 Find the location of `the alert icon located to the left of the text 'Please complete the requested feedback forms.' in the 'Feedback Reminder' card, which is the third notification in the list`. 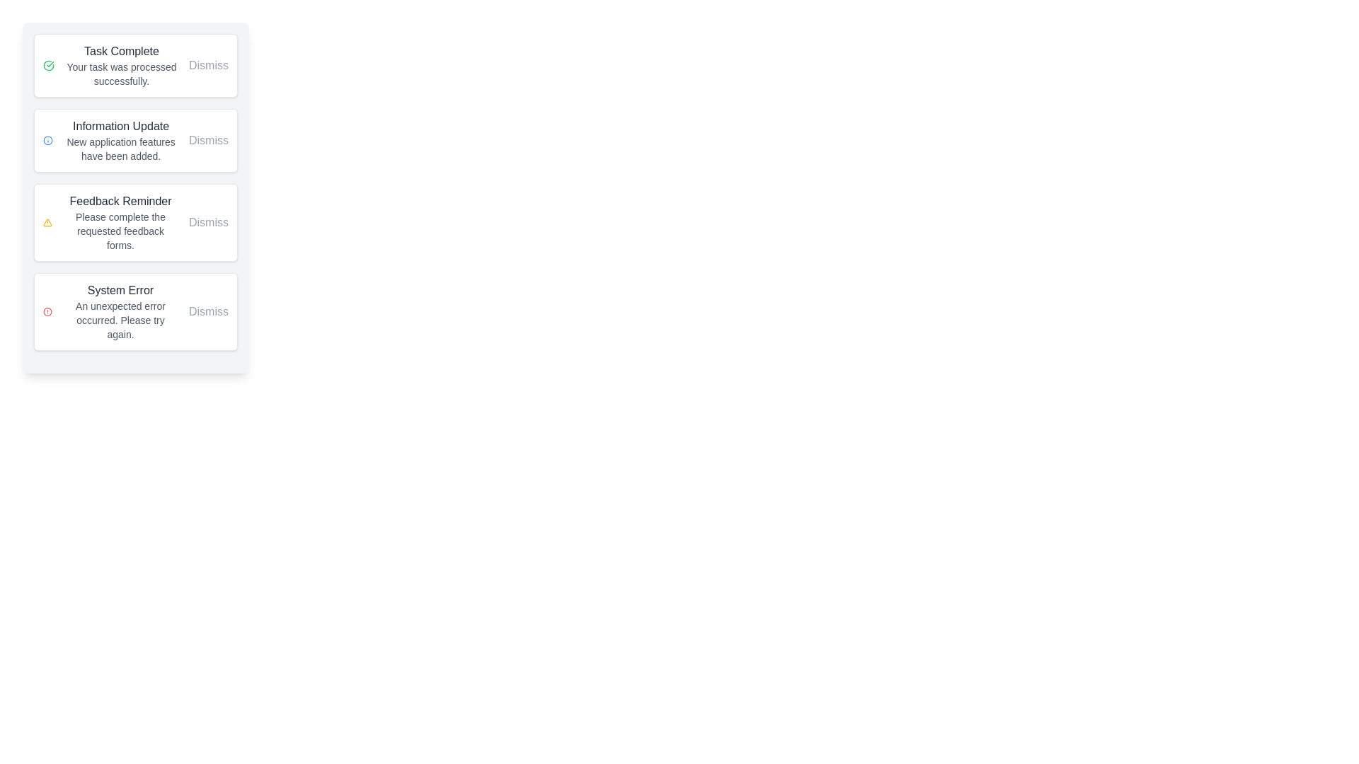

the alert icon located to the left of the text 'Please complete the requested feedback forms.' in the 'Feedback Reminder' card, which is the third notification in the list is located at coordinates (47, 223).